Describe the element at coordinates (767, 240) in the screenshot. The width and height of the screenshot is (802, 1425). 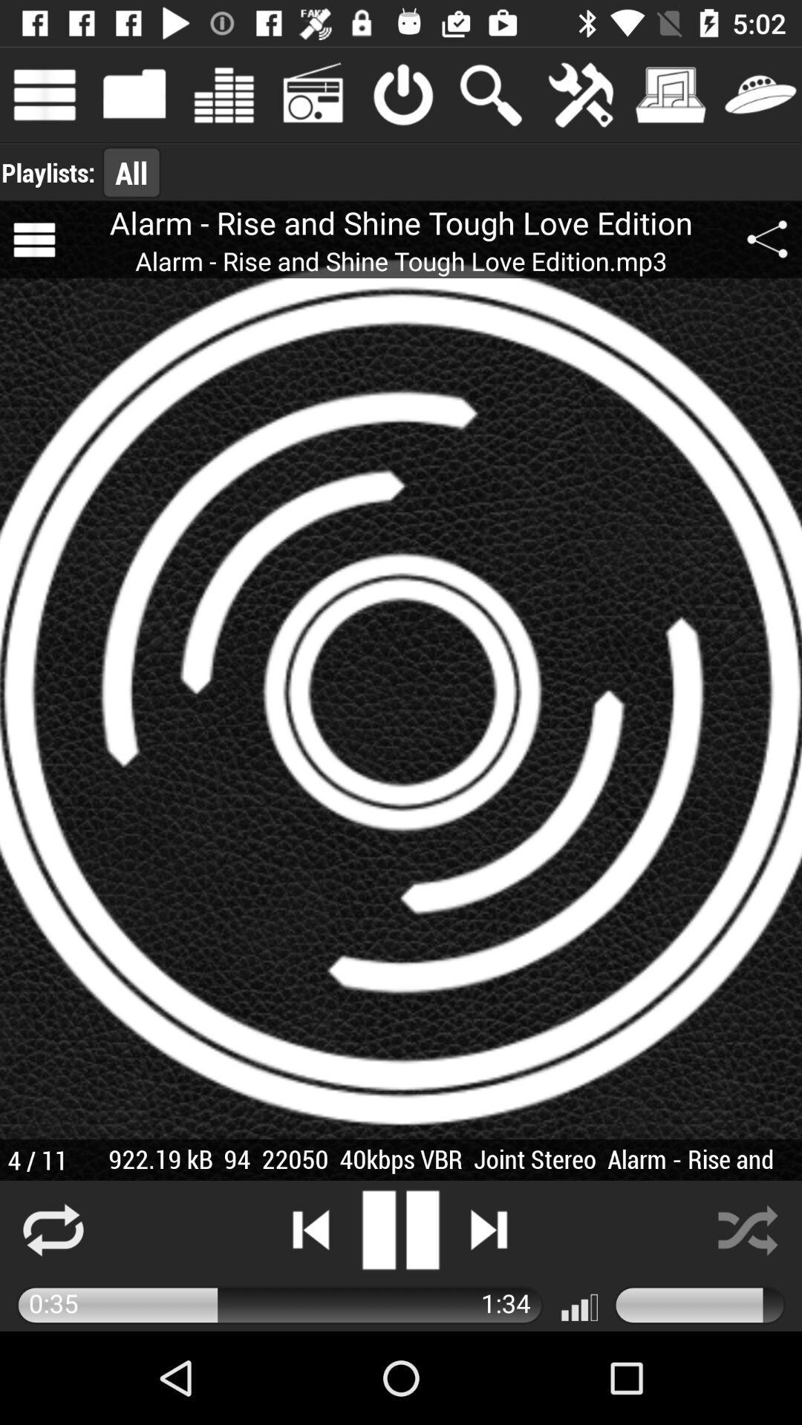
I see `app next to the alarm rise and app` at that location.